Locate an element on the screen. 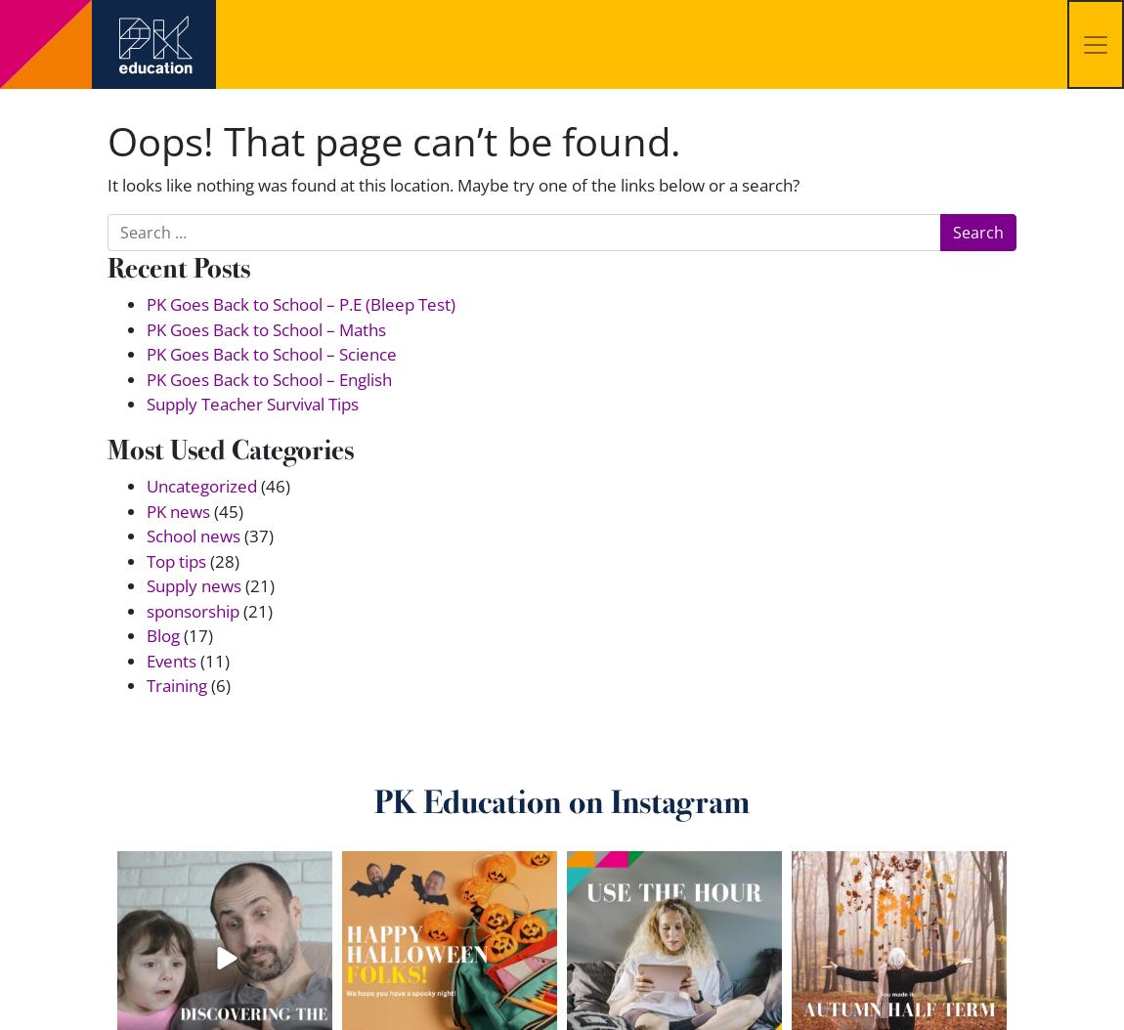  'Training' is located at coordinates (176, 684).